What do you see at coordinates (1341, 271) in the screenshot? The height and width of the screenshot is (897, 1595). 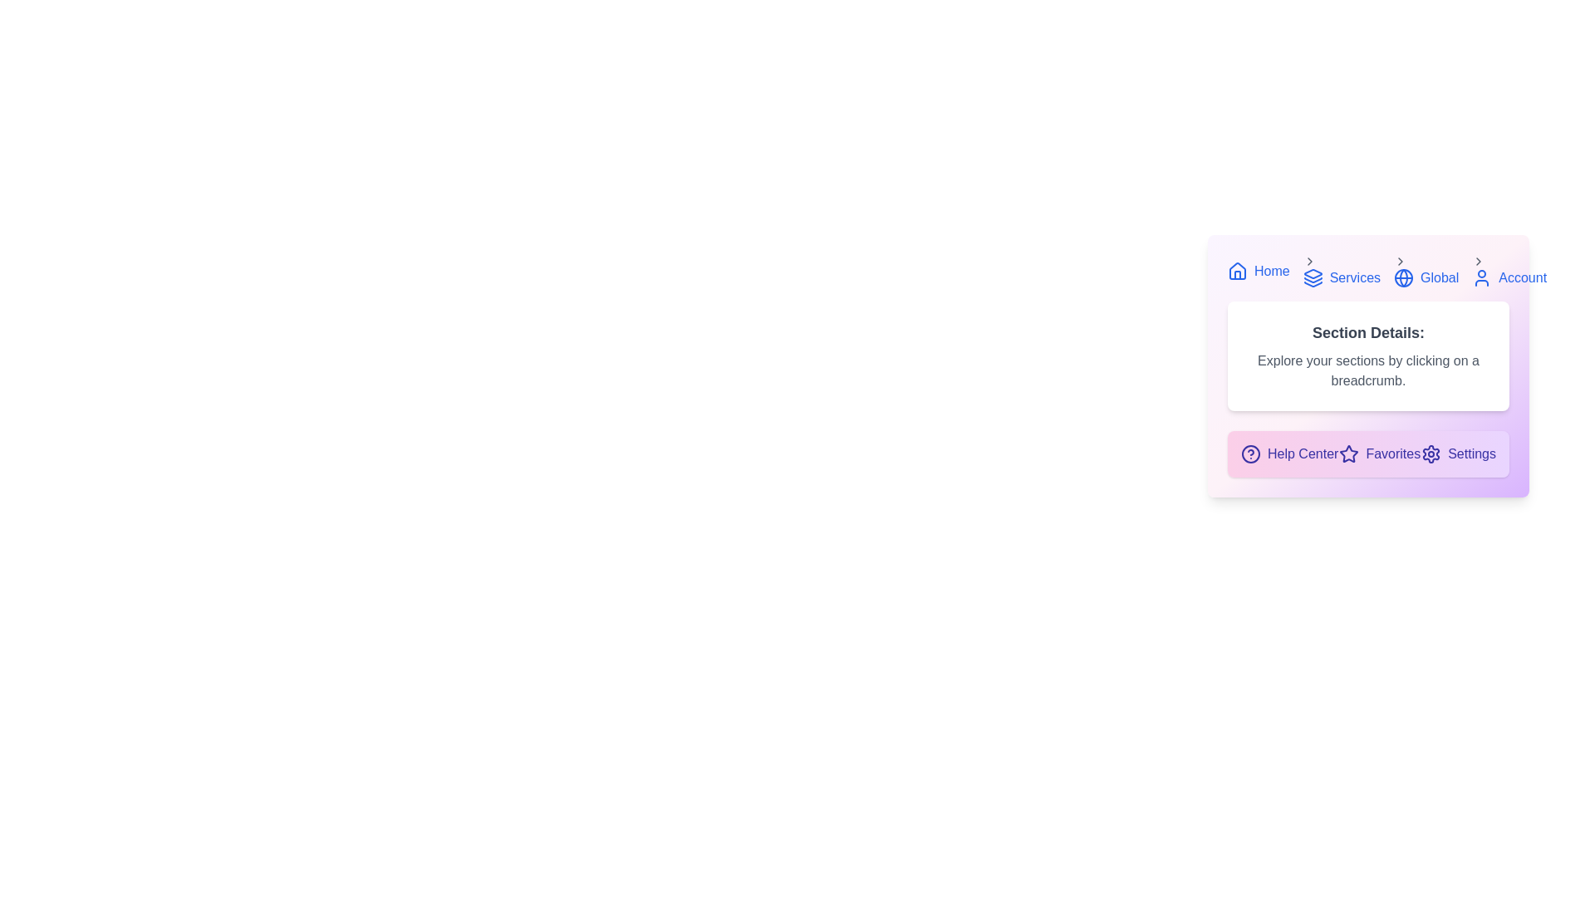 I see `the 'Services' navigational link, which is the second item in the breadcrumb navigation at the top of the interface, between 'Home' and 'Global'` at bounding box center [1341, 271].